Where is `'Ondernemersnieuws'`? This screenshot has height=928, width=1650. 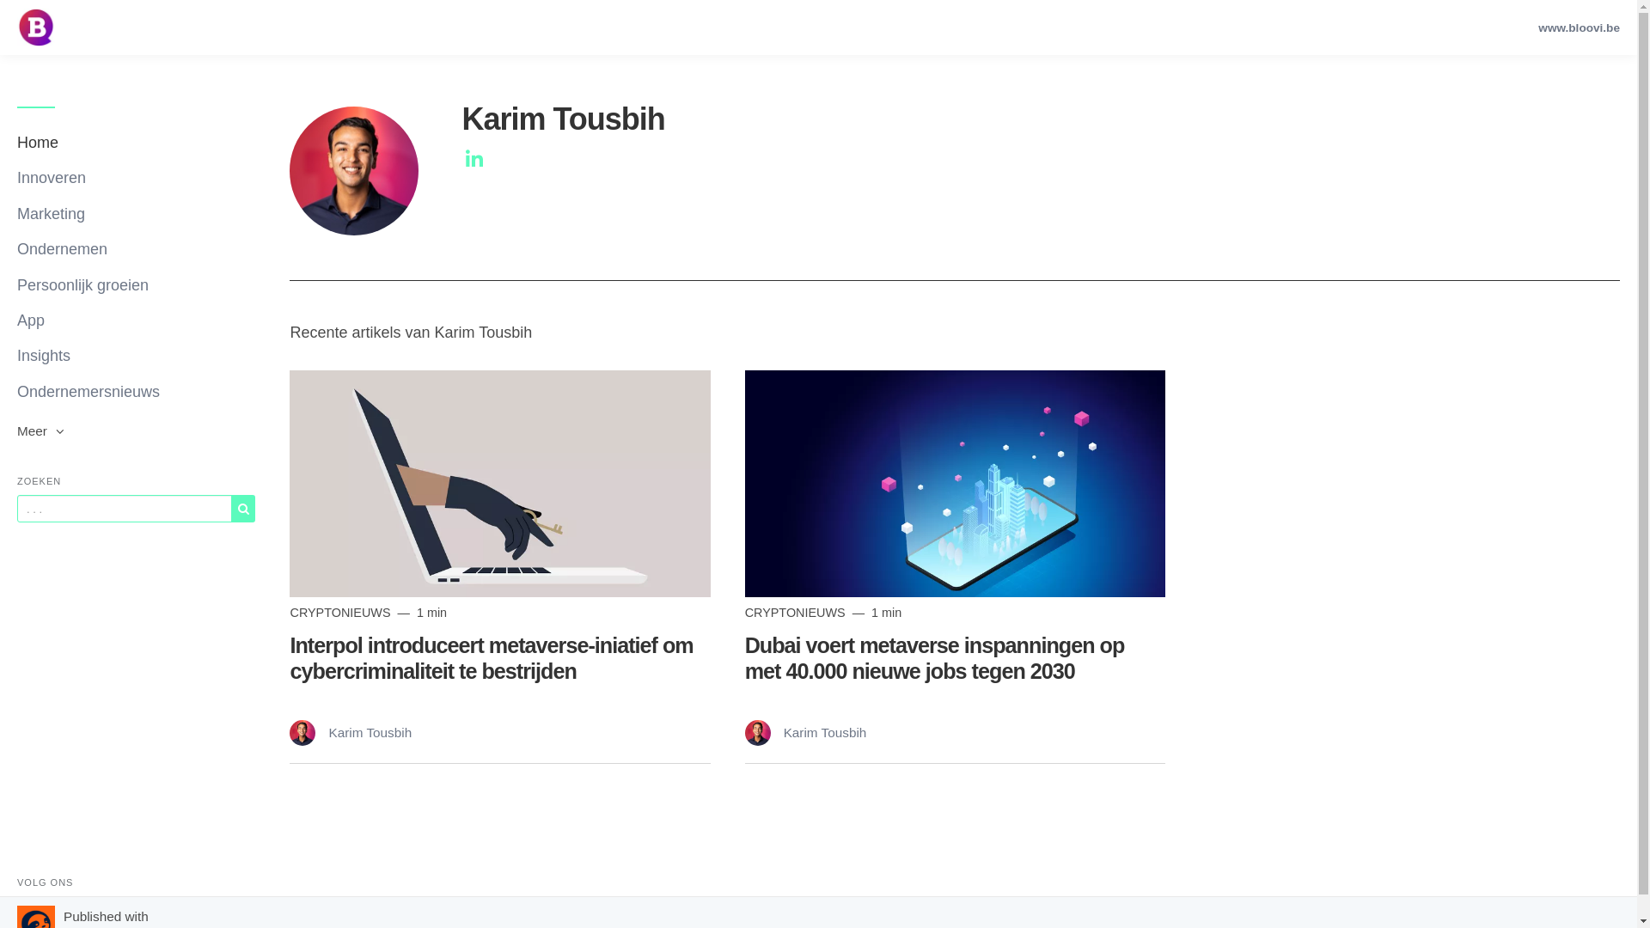 'Ondernemersnieuws' is located at coordinates (135, 392).